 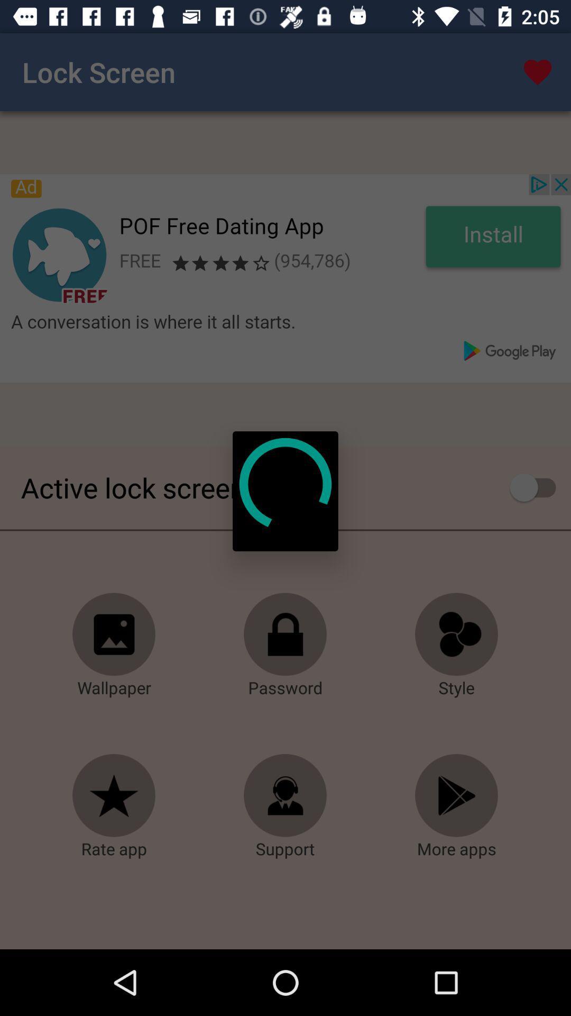 What do you see at coordinates (114, 795) in the screenshot?
I see `rating` at bounding box center [114, 795].